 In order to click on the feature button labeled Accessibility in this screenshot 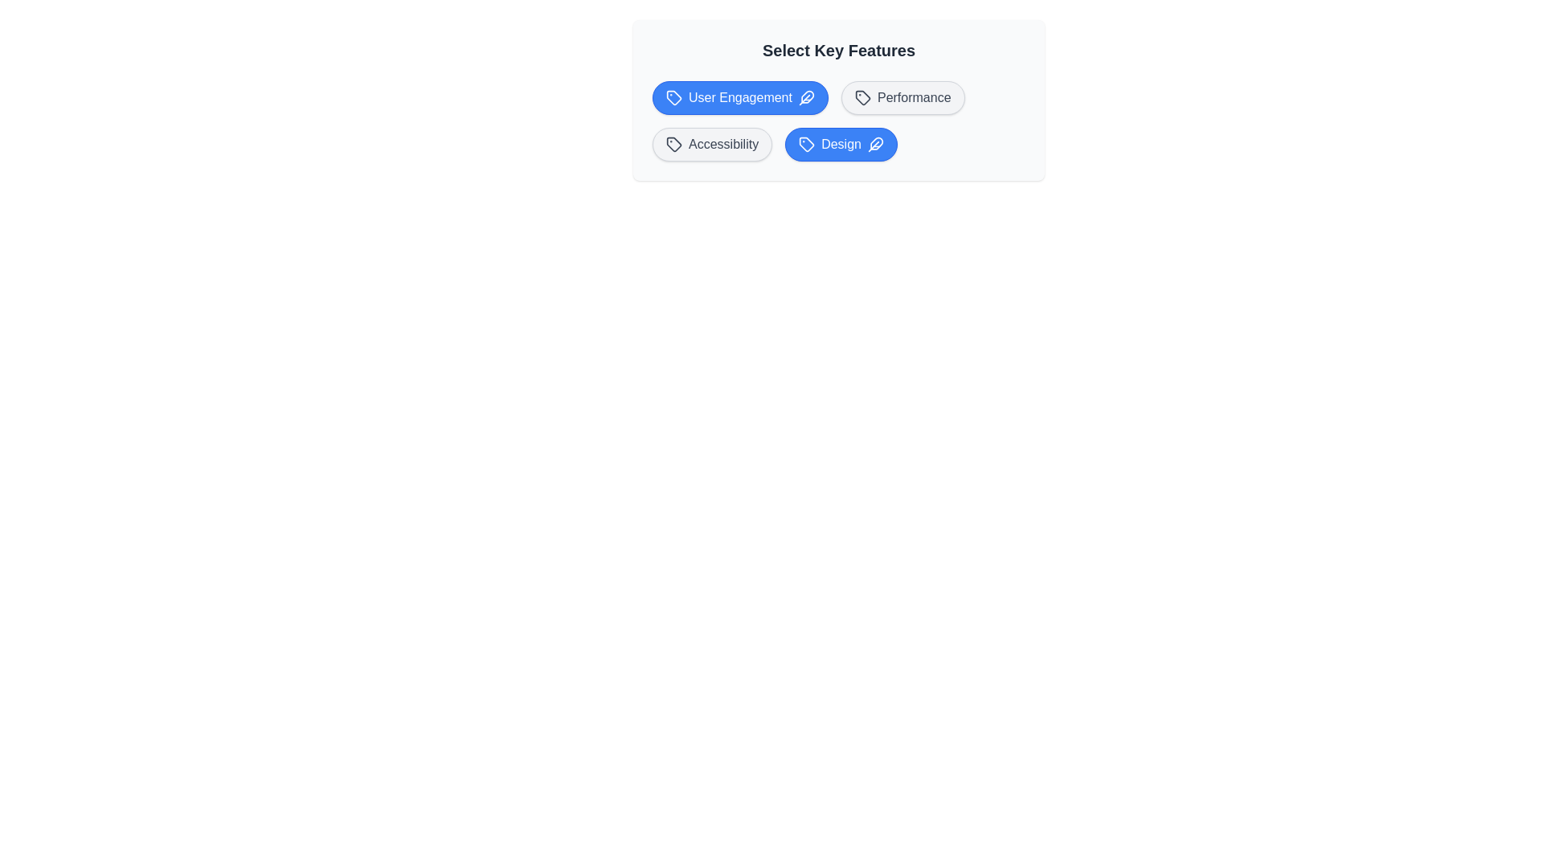, I will do `click(711, 145)`.